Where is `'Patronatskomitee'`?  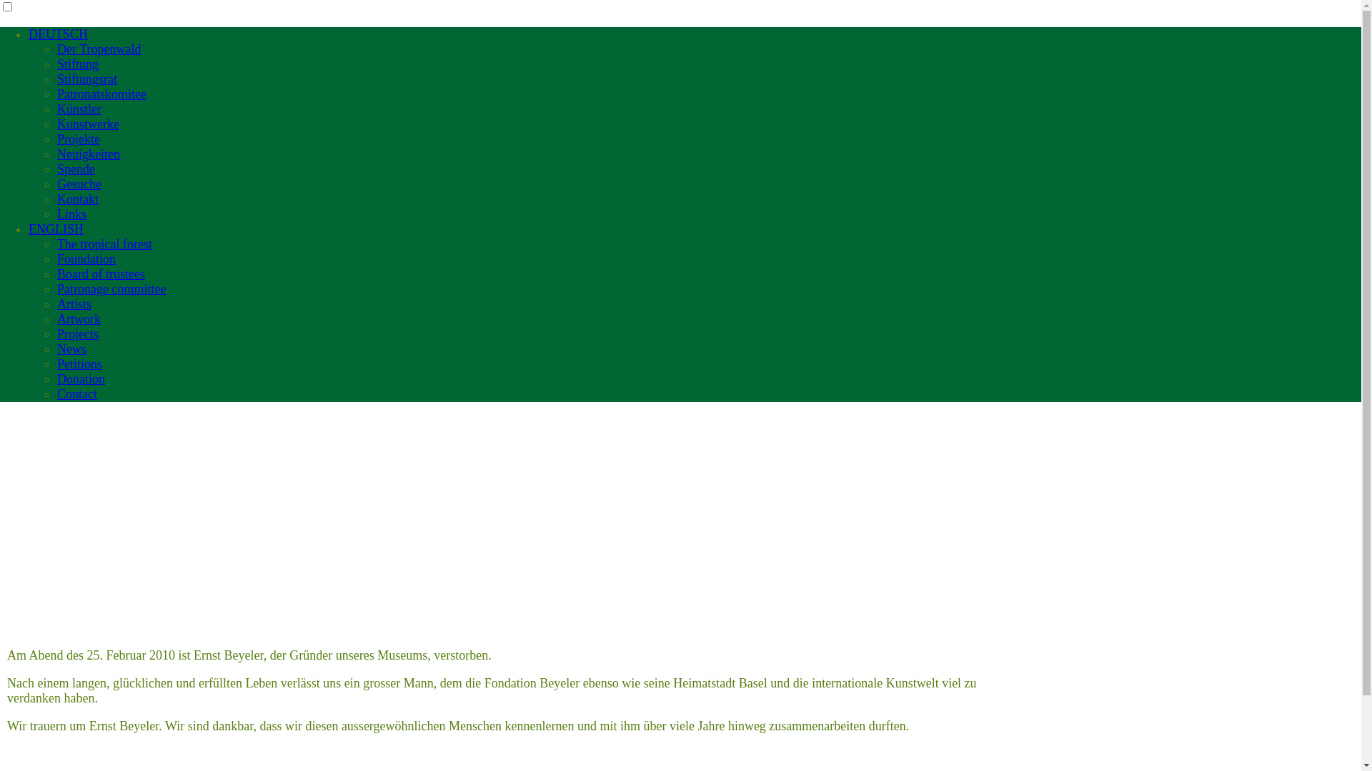
'Patronatskomitee' is located at coordinates (101, 94).